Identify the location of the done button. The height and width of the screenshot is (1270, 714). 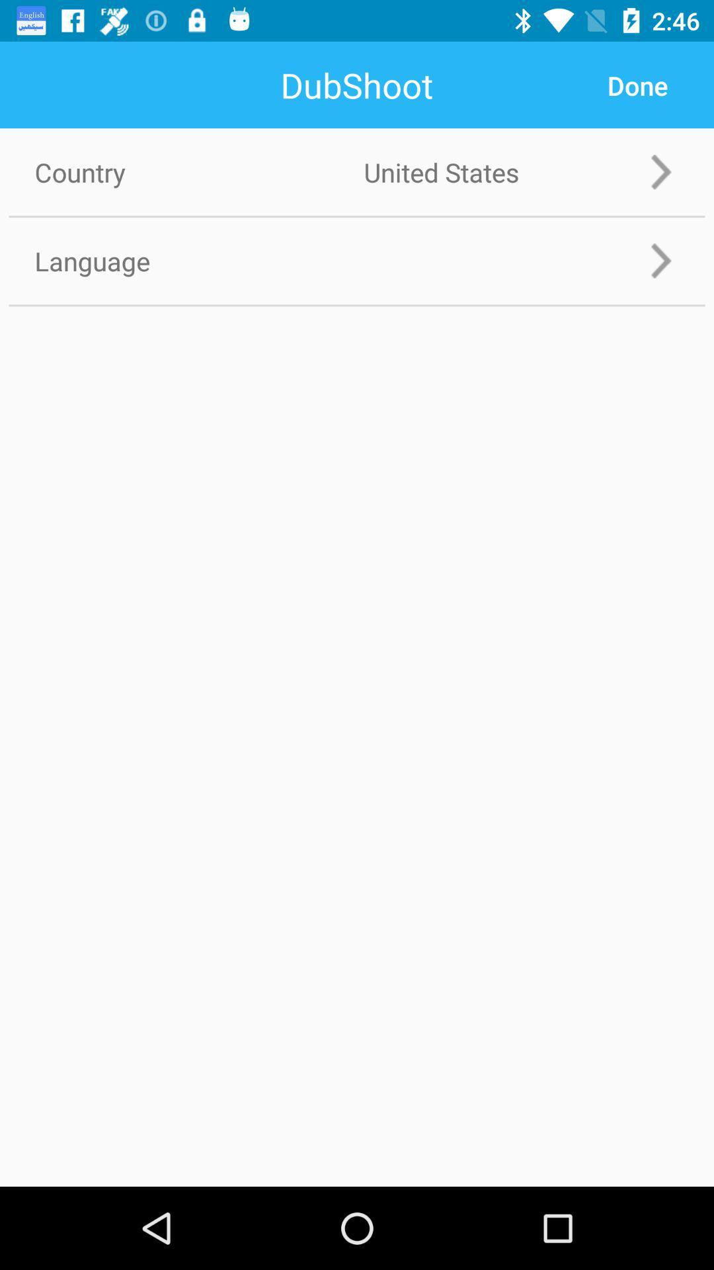
(637, 85).